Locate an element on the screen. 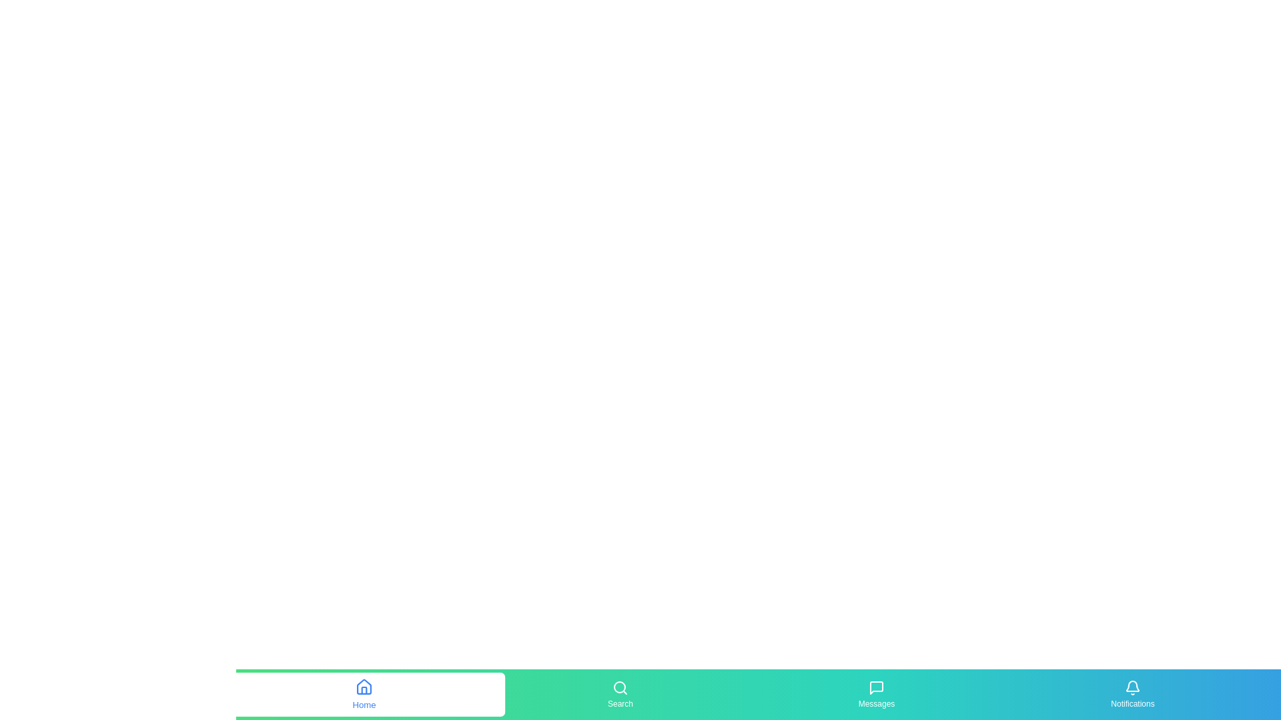  the Home button to observe its hover effect is located at coordinates (364, 693).